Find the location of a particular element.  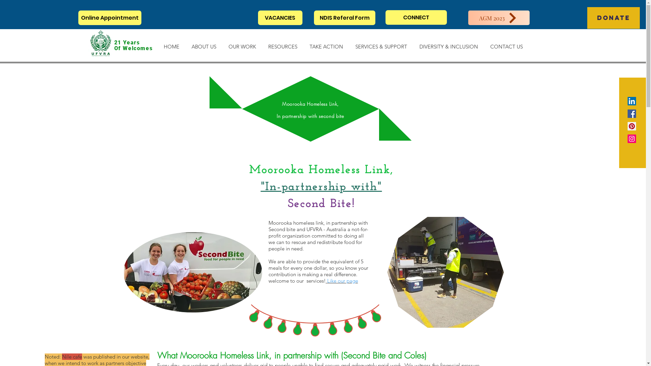

'VACANCIES' is located at coordinates (280, 17).